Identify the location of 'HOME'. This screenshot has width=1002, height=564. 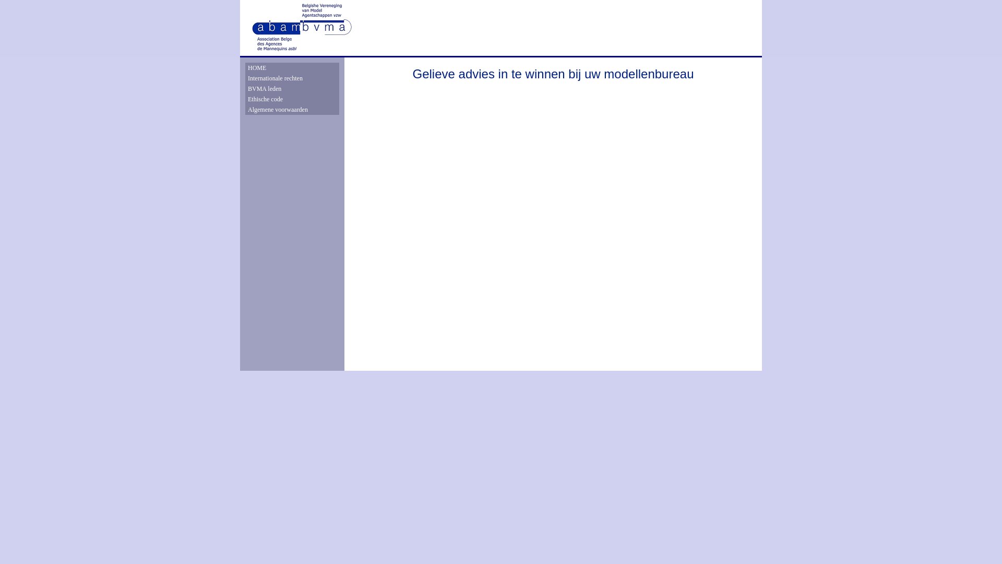
(247, 68).